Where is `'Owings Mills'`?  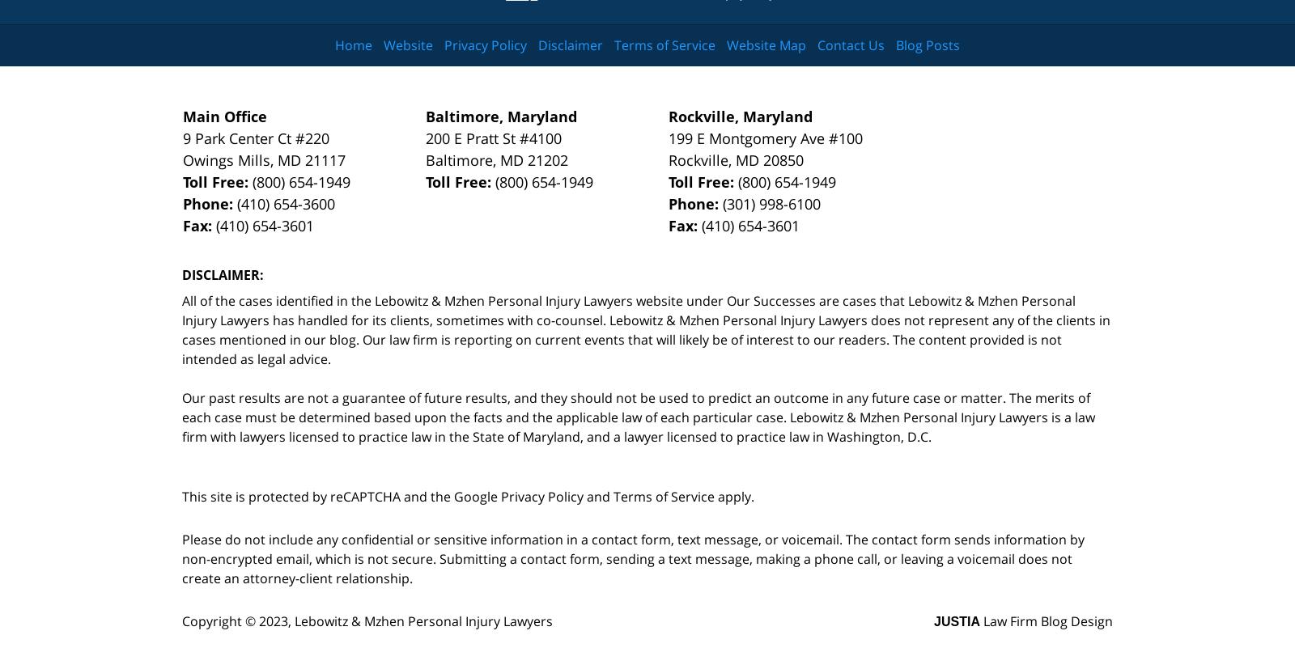 'Owings Mills' is located at coordinates (227, 159).